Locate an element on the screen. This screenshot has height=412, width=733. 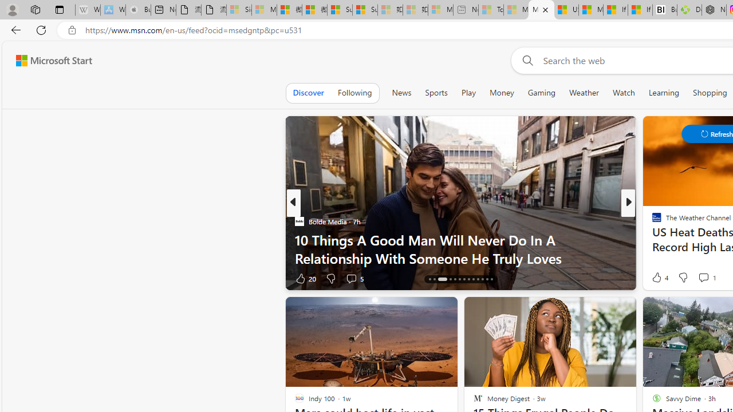
'AutomationID: tab-25' is located at coordinates (487, 279).